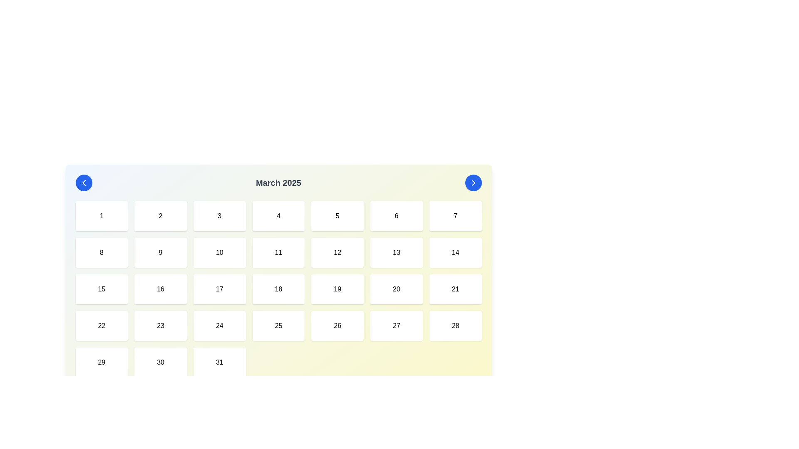 This screenshot has height=449, width=799. I want to click on the clickable button displaying the number '5', so click(337, 216).